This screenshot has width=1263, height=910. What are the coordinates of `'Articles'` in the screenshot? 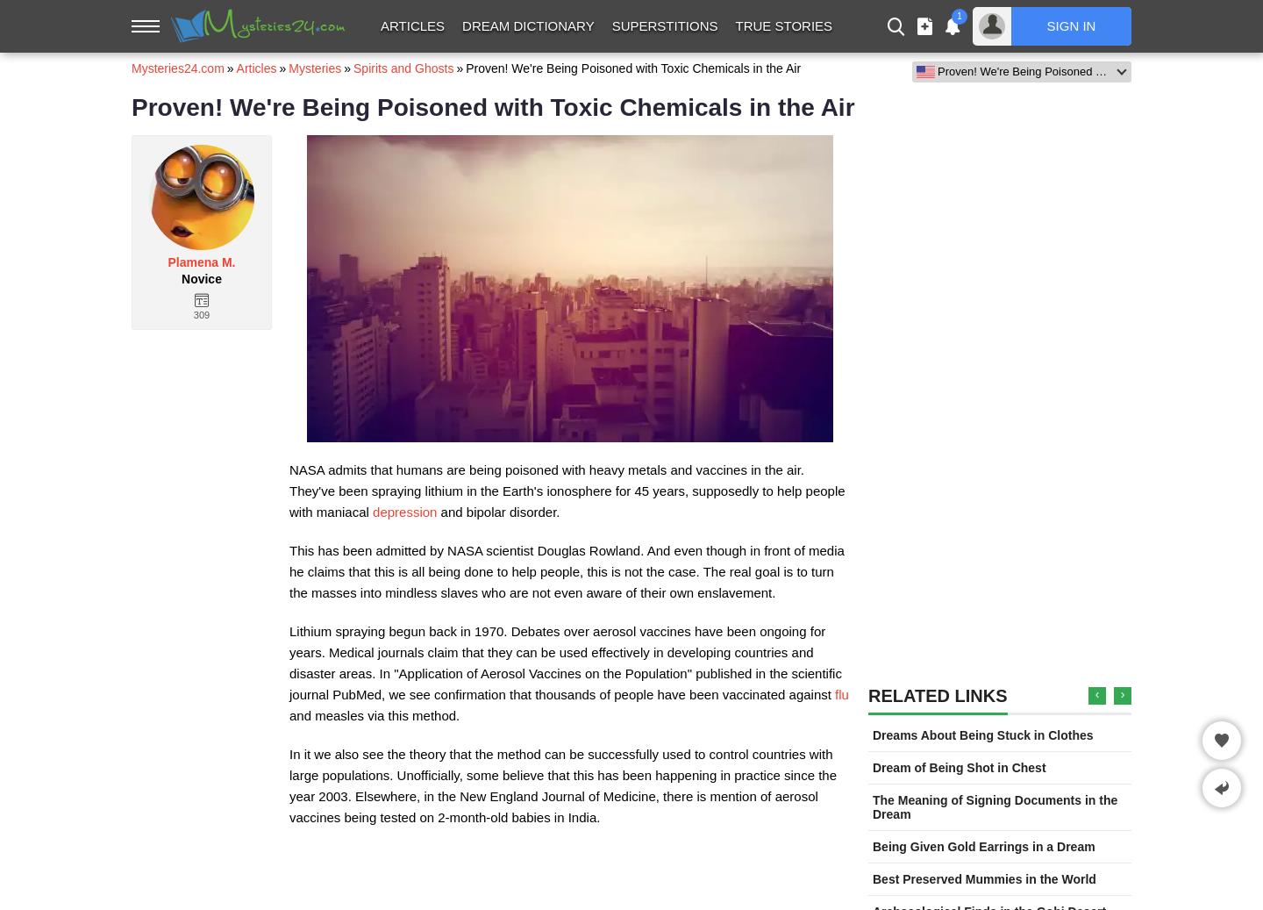 It's located at (234, 67).